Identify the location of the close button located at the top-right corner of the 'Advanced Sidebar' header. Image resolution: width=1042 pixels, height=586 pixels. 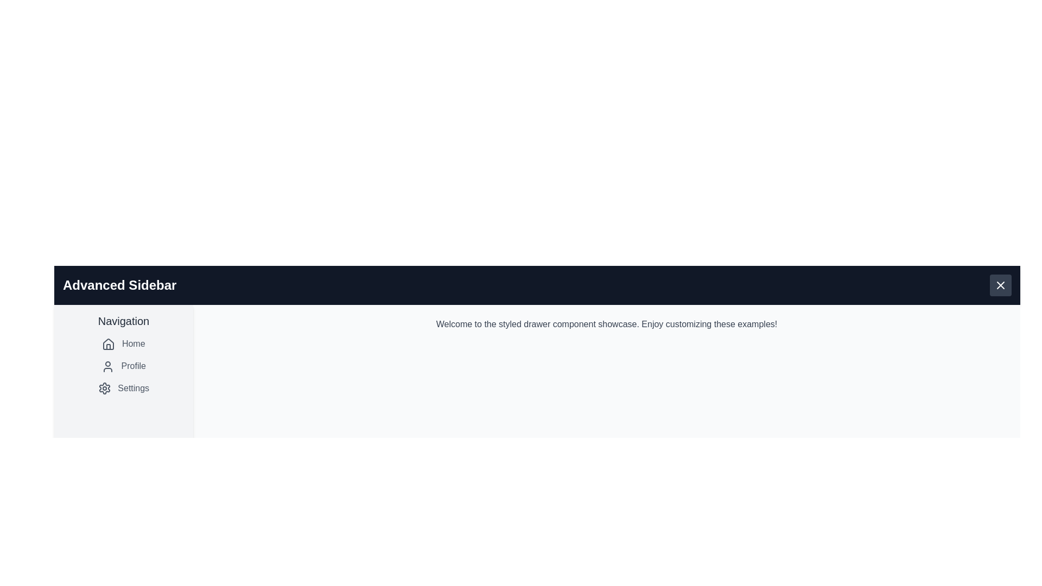
(1000, 284).